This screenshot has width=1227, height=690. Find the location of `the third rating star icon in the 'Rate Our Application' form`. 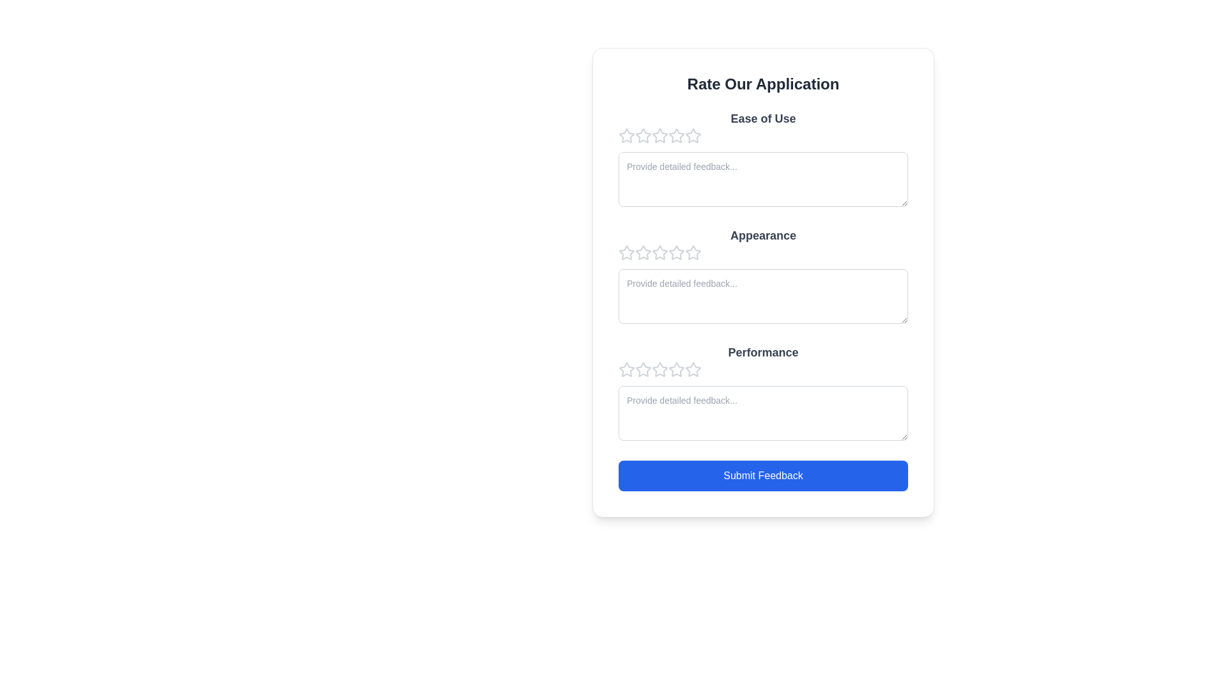

the third rating star icon in the 'Rate Our Application' form is located at coordinates (644, 253).